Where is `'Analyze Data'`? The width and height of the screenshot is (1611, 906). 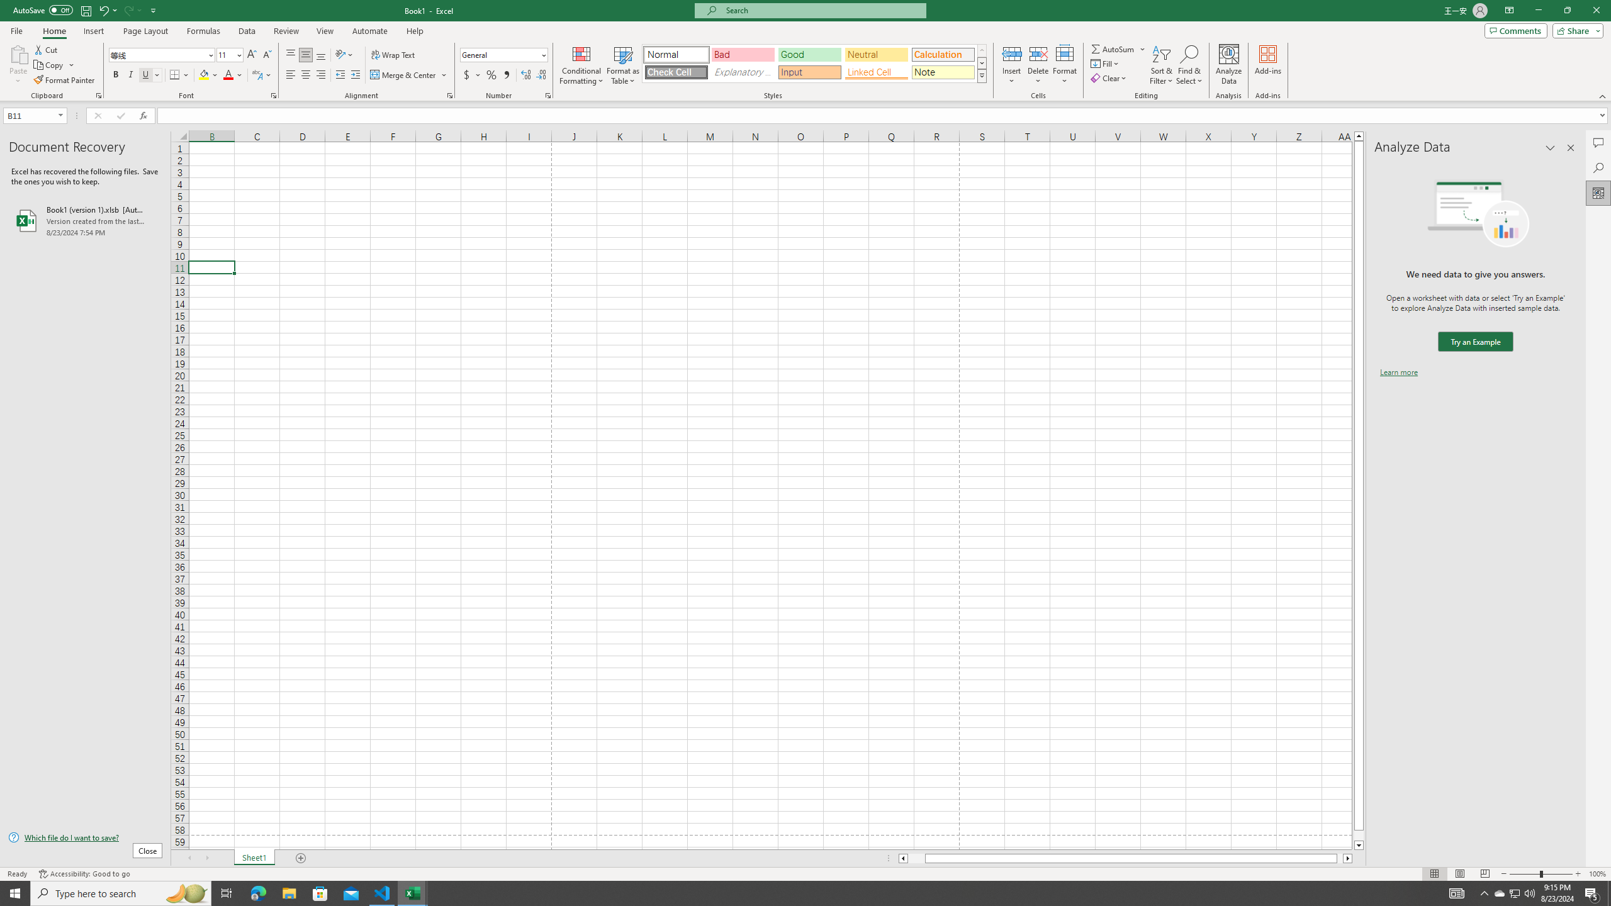 'Analyze Data' is located at coordinates (1598, 193).